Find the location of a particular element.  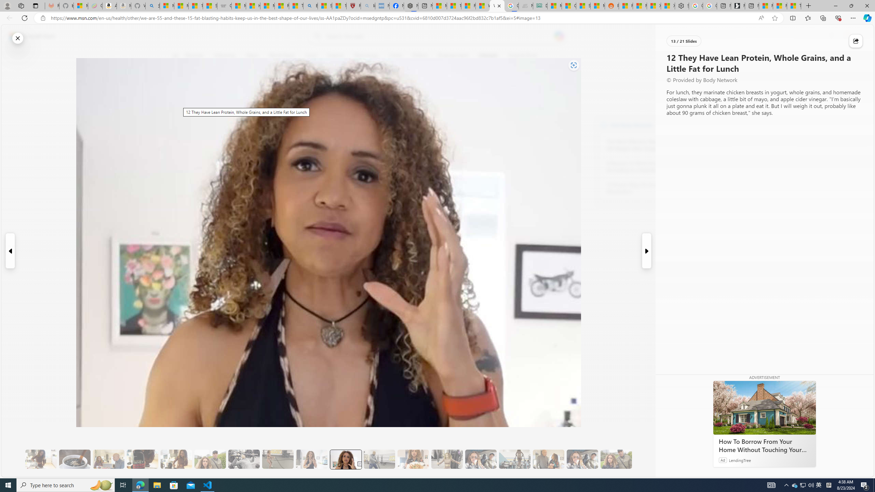

'Entertainment' is located at coordinates (453, 55).